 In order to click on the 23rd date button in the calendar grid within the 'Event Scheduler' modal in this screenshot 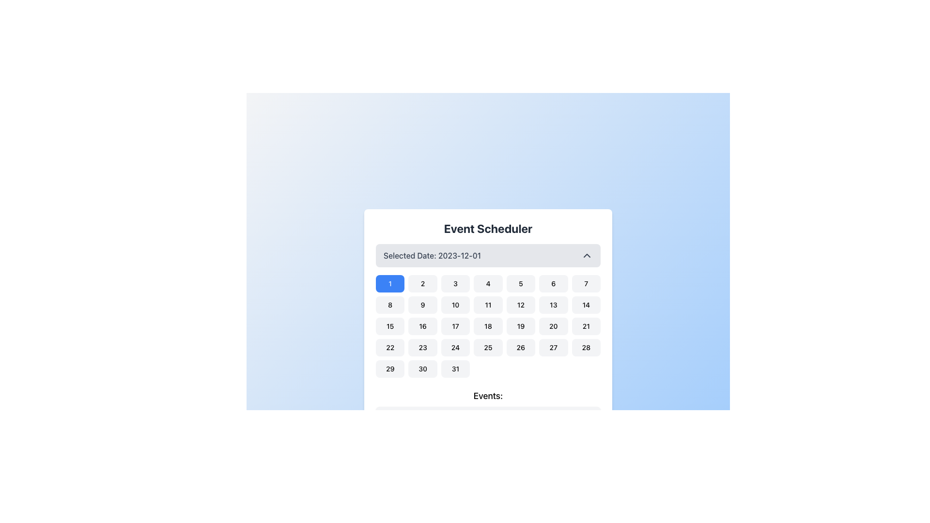, I will do `click(423, 347)`.